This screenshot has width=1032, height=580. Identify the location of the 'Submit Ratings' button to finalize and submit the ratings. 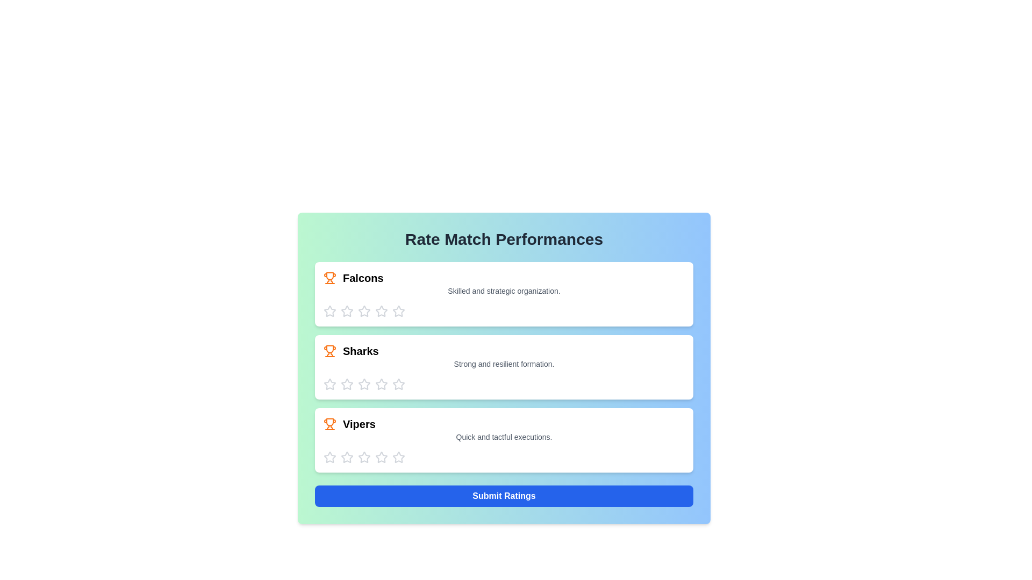
(503, 496).